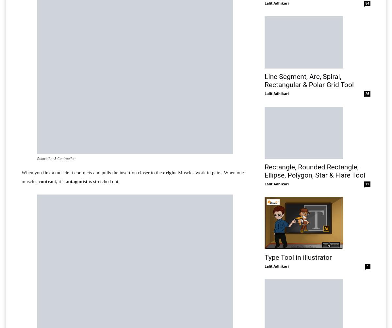 This screenshot has height=328, width=392. I want to click on '. Muscles work in pairs. When one muscles', so click(132, 177).